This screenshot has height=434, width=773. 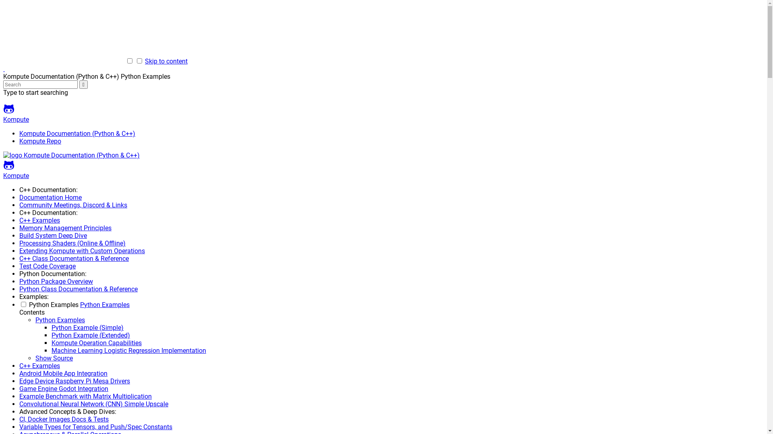 What do you see at coordinates (129, 350) in the screenshot?
I see `'Machine Learning Logistic Regression Implementation'` at bounding box center [129, 350].